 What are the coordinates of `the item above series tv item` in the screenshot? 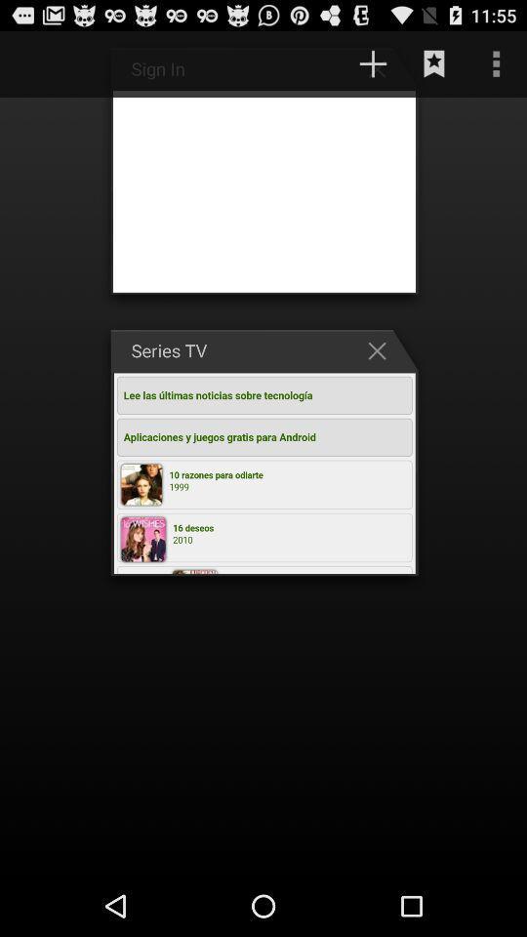 It's located at (373, 63).